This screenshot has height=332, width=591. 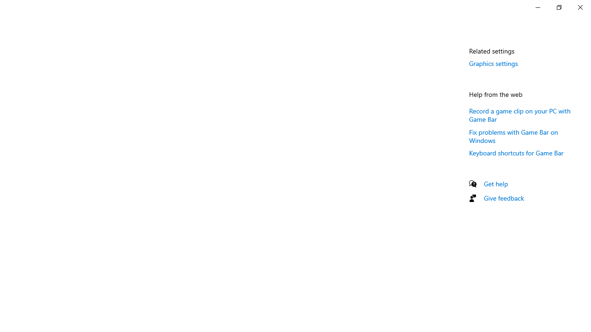 What do you see at coordinates (495, 184) in the screenshot?
I see `'Get help'` at bounding box center [495, 184].